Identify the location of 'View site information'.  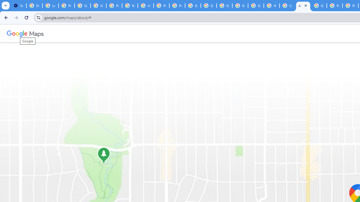
(38, 17).